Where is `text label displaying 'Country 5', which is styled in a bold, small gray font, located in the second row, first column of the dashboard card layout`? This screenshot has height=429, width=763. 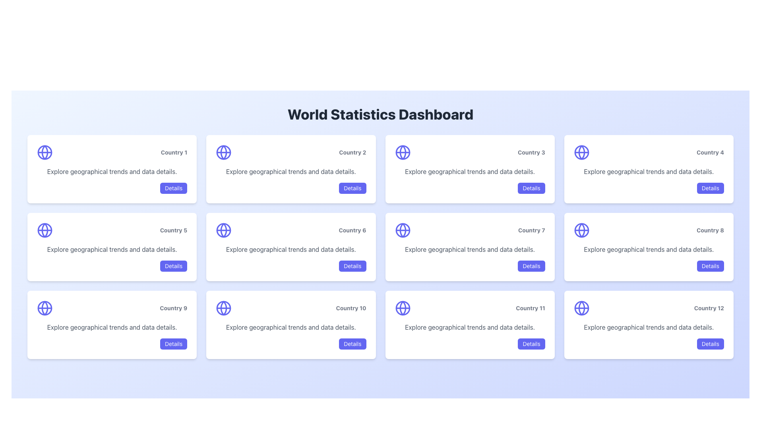
text label displaying 'Country 5', which is styled in a bold, small gray font, located in the second row, first column of the dashboard card layout is located at coordinates (173, 230).